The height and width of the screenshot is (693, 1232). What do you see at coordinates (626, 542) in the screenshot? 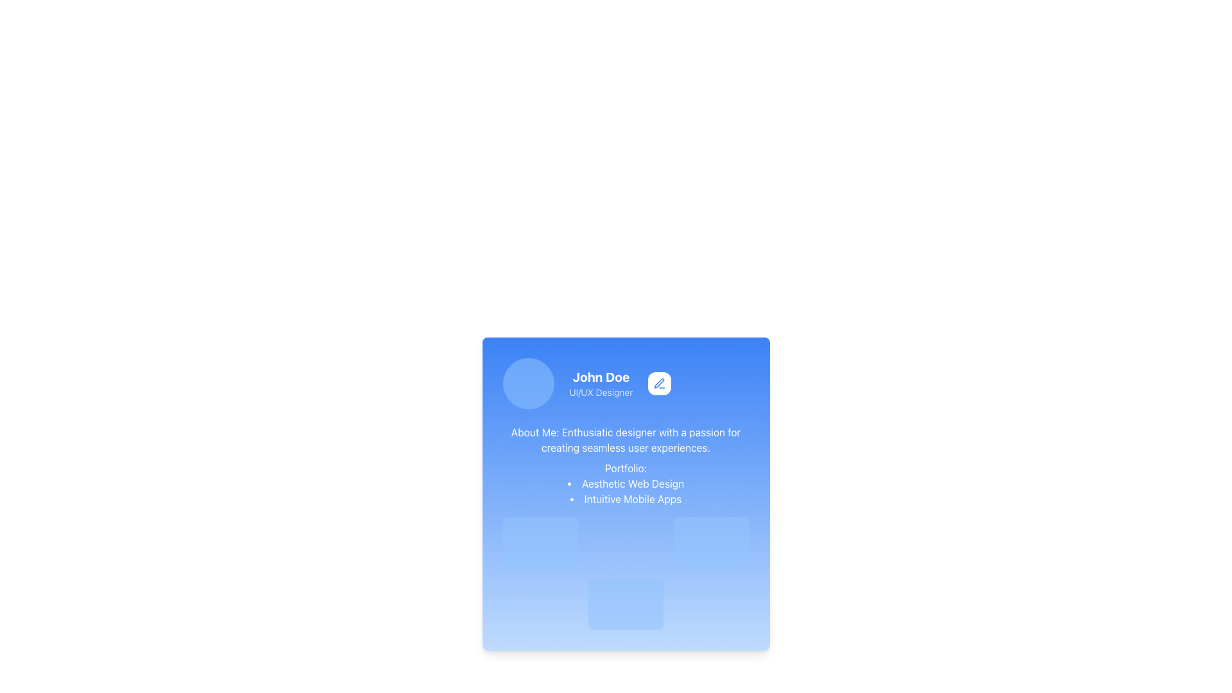
I see `the Decorative block or placeholder element that is located in the first row, second column of a grid layout, which serves as a loading state indicator with a pulsating animation` at bounding box center [626, 542].